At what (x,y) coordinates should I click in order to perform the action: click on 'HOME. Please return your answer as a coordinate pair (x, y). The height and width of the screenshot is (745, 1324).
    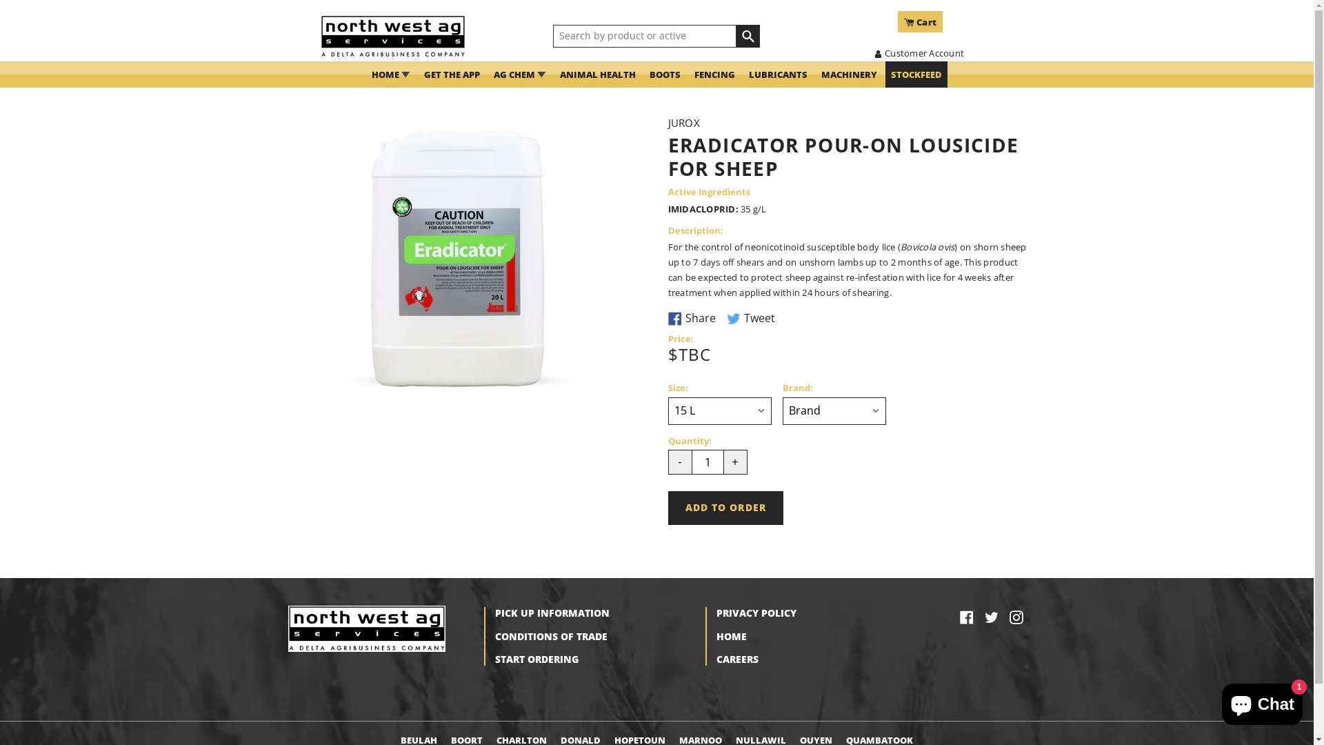
    Looking at the image, I should click on (390, 74).